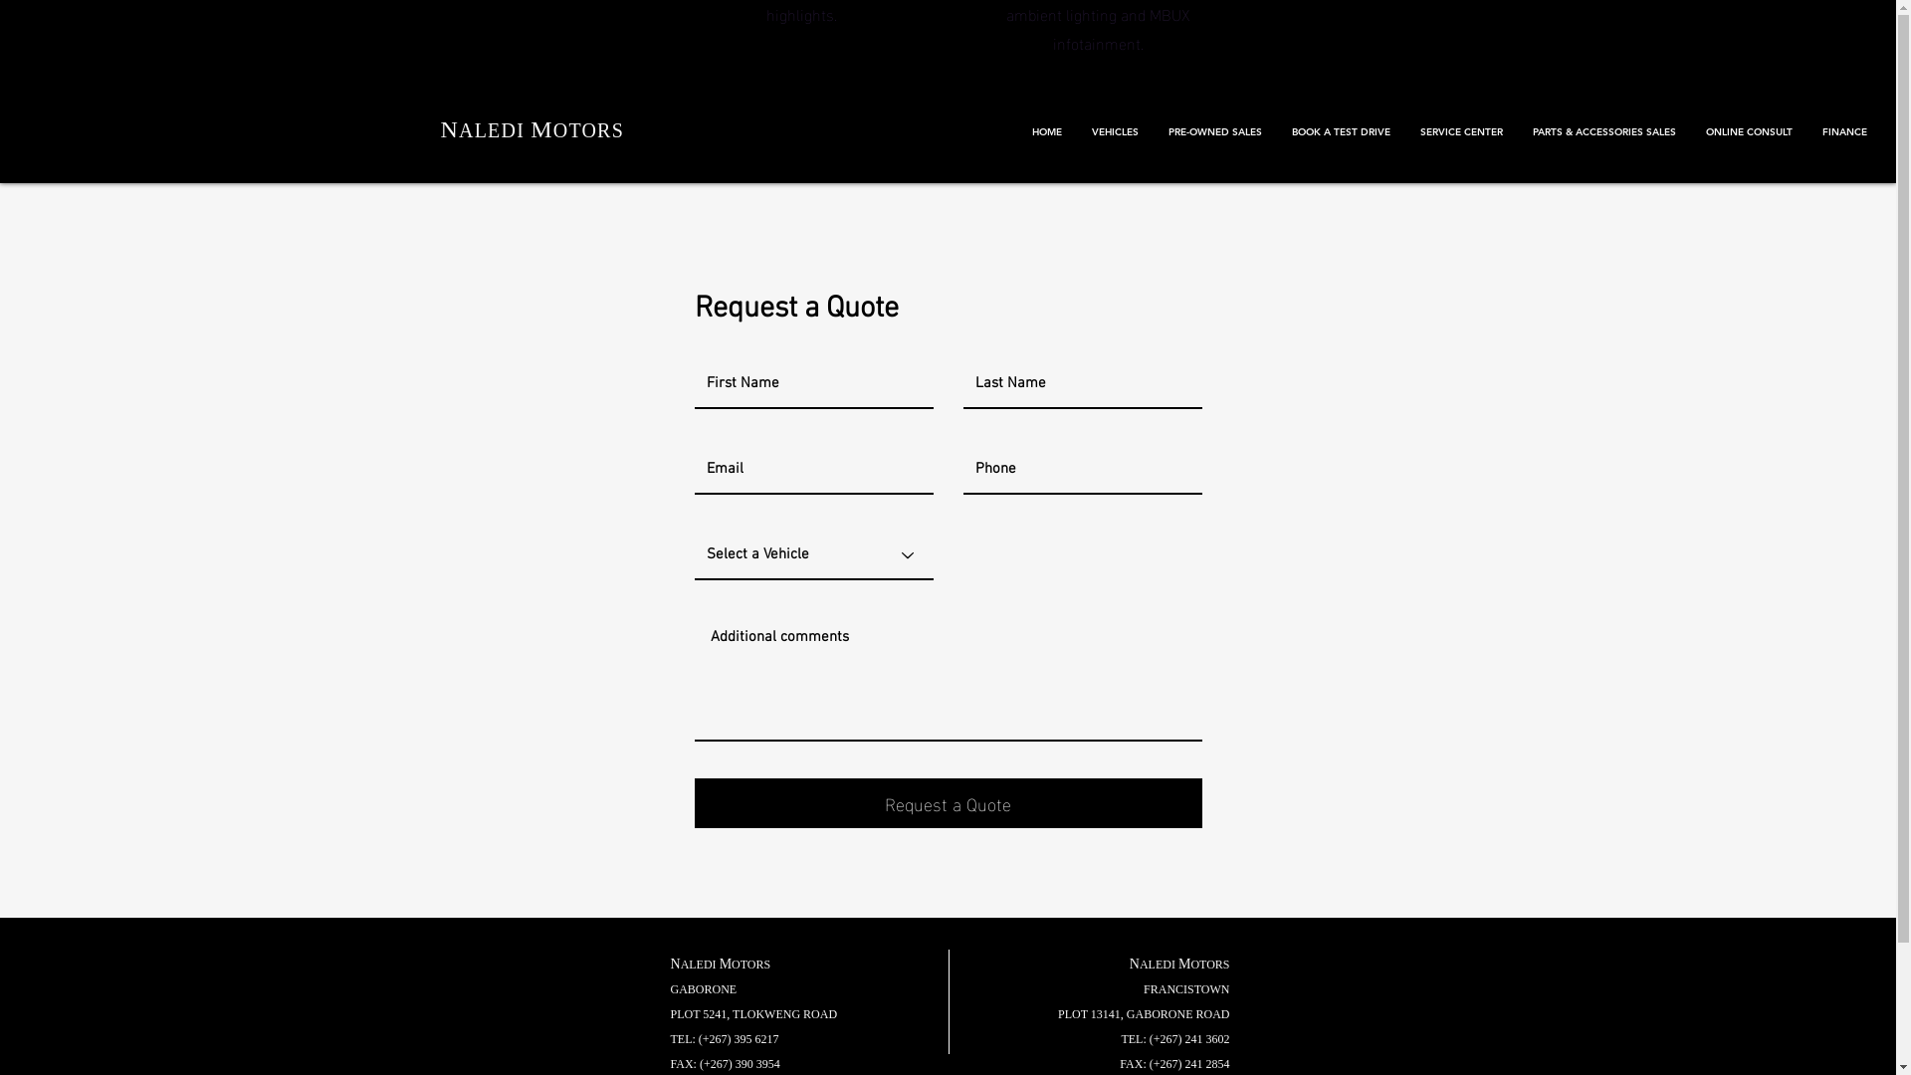 This screenshot has height=1075, width=1911. What do you see at coordinates (1690, 131) in the screenshot?
I see `'ONLINE CONSULT'` at bounding box center [1690, 131].